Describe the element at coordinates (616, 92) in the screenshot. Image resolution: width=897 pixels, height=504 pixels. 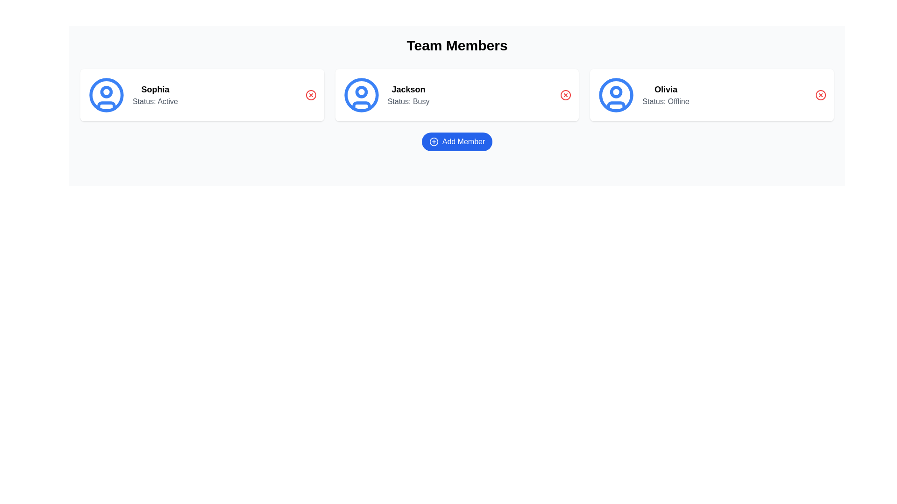
I see `the decorative graphical element within the profile icon of the user card labeled 'Olivia', which is positioned in the rightmost position among three user cards` at that location.